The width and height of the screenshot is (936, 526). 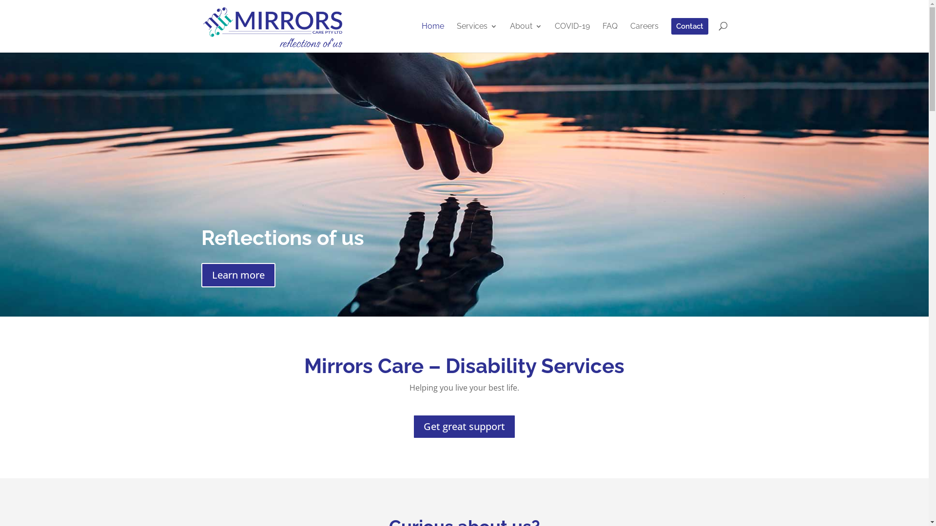 I want to click on 'Home', so click(x=421, y=37).